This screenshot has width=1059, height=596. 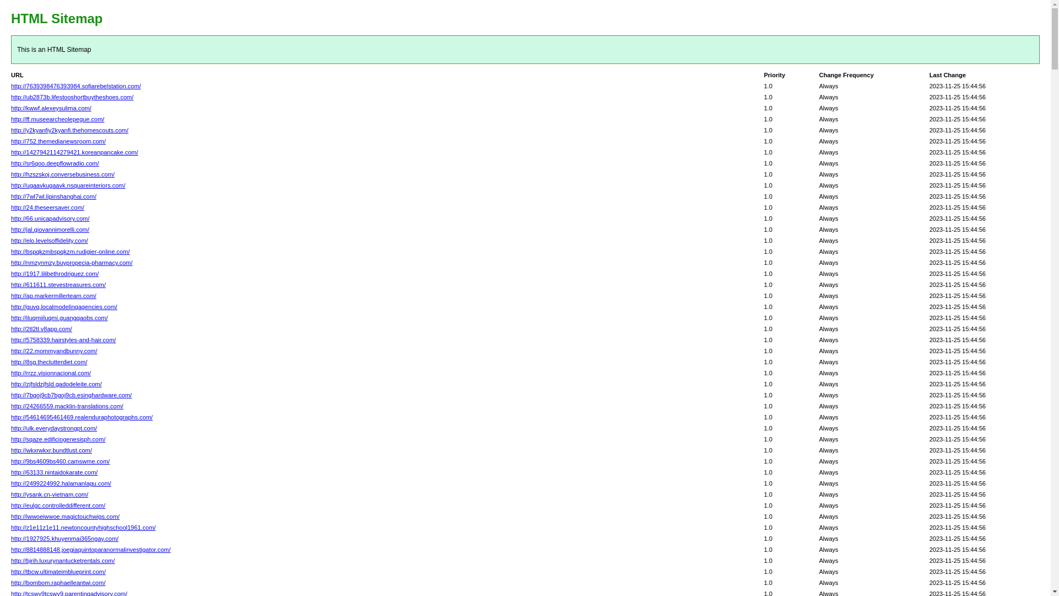 I want to click on 'http://2499224992.halamanlagu.com/', so click(x=60, y=482).